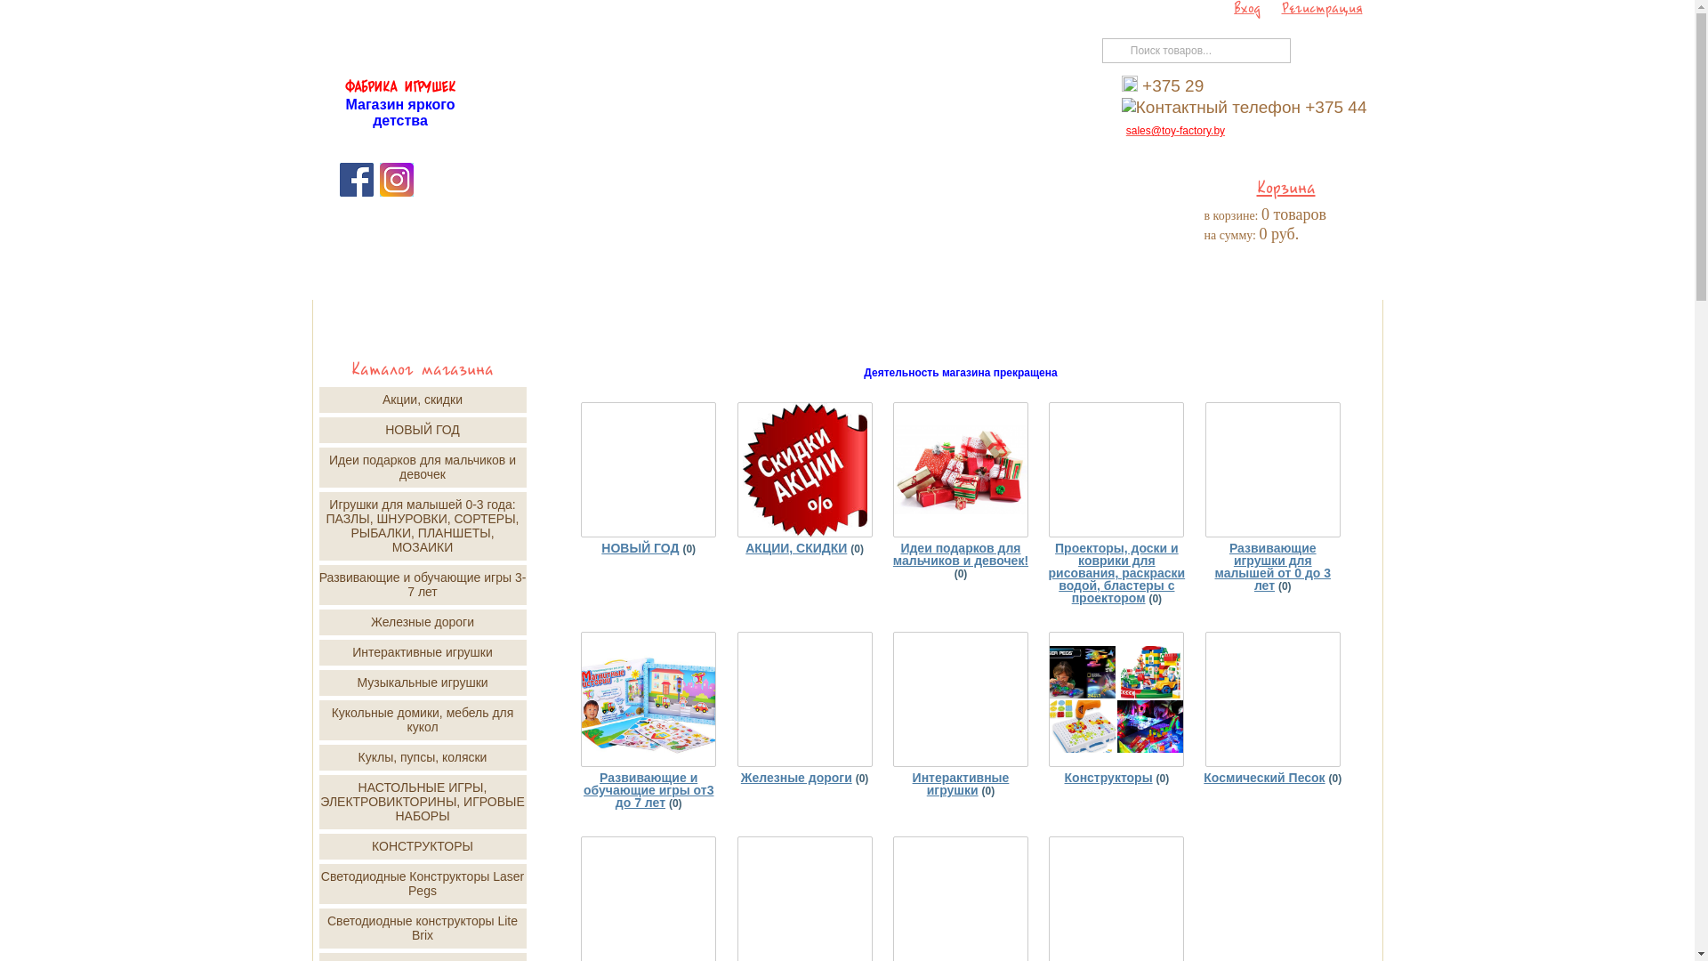 This screenshot has height=961, width=1708. I want to click on 'sales@toy-factory.by', so click(1175, 129).